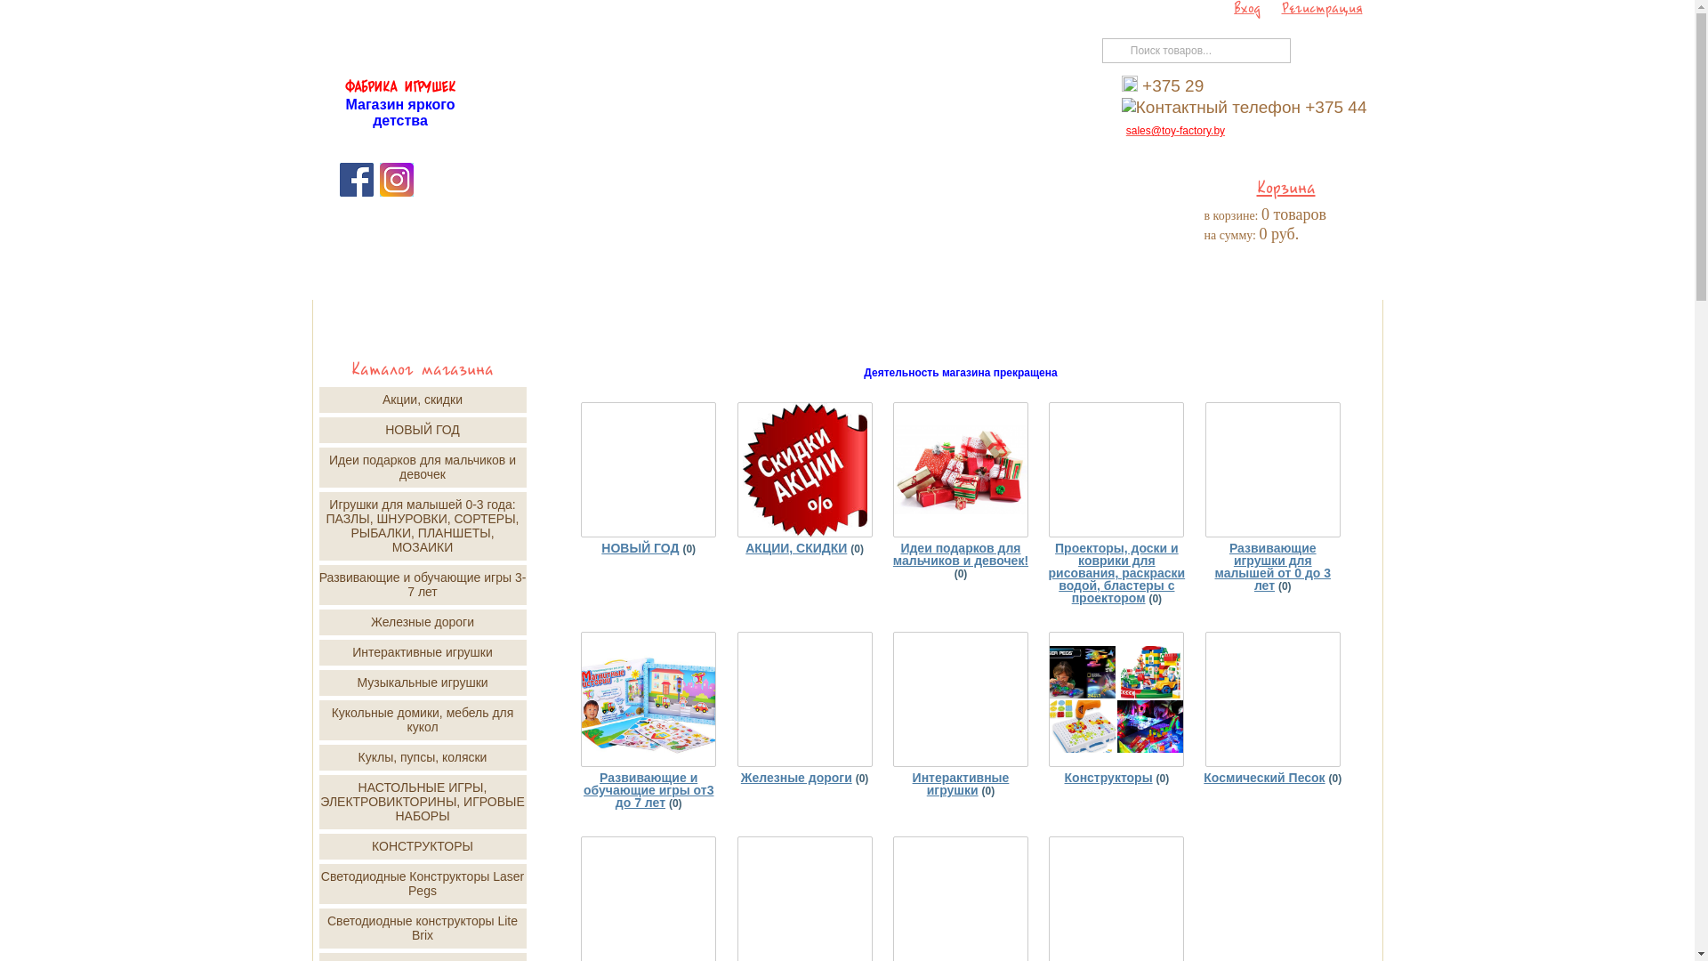 This screenshot has height=961, width=1708. I want to click on 'sales@toy-factory.by', so click(1175, 129).